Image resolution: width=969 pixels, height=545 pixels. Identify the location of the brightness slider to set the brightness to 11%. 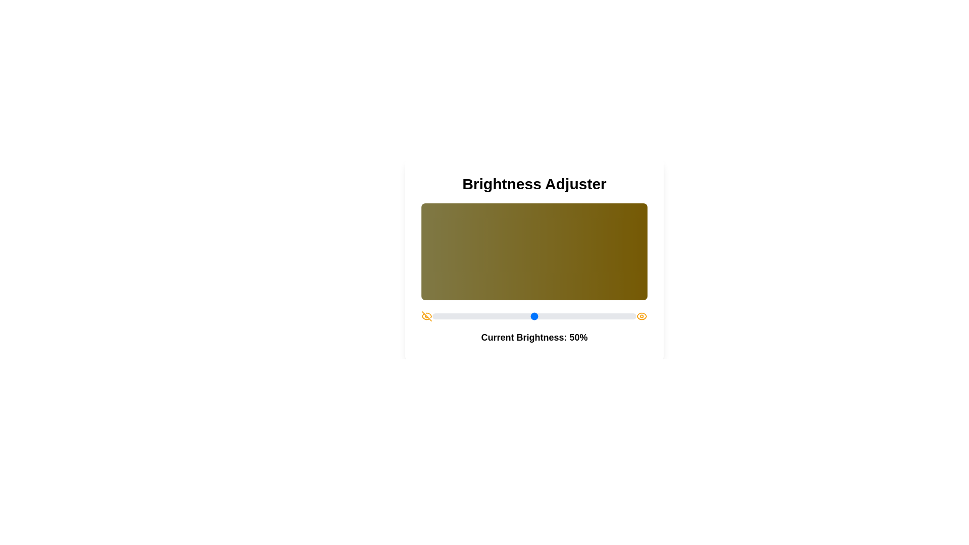
(454, 316).